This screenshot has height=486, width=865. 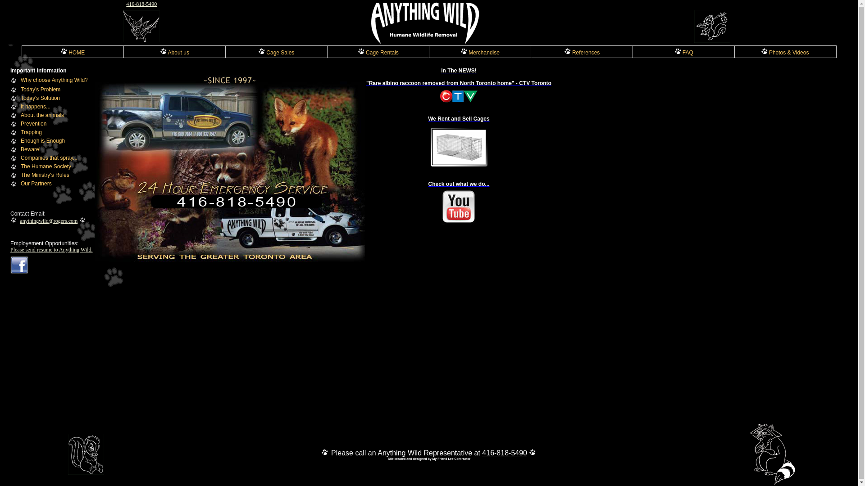 What do you see at coordinates (54, 79) in the screenshot?
I see `'Why choose Anything Wild?'` at bounding box center [54, 79].